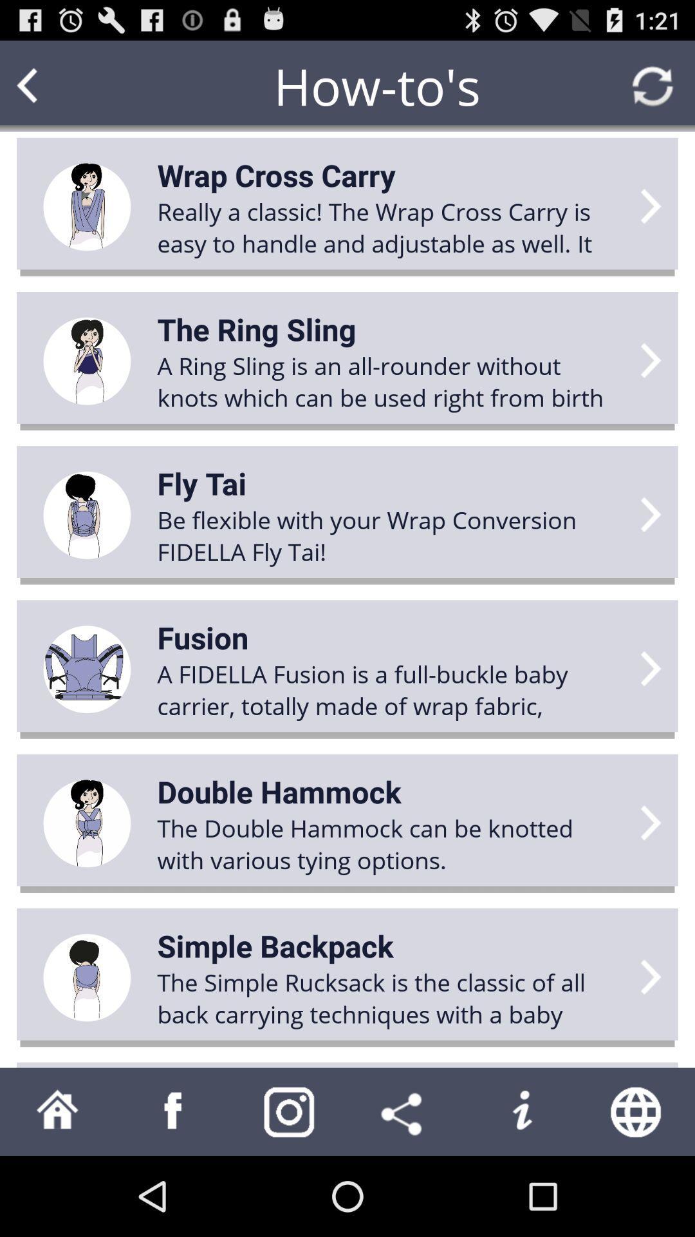 Image resolution: width=695 pixels, height=1237 pixels. I want to click on share link, so click(404, 1111).